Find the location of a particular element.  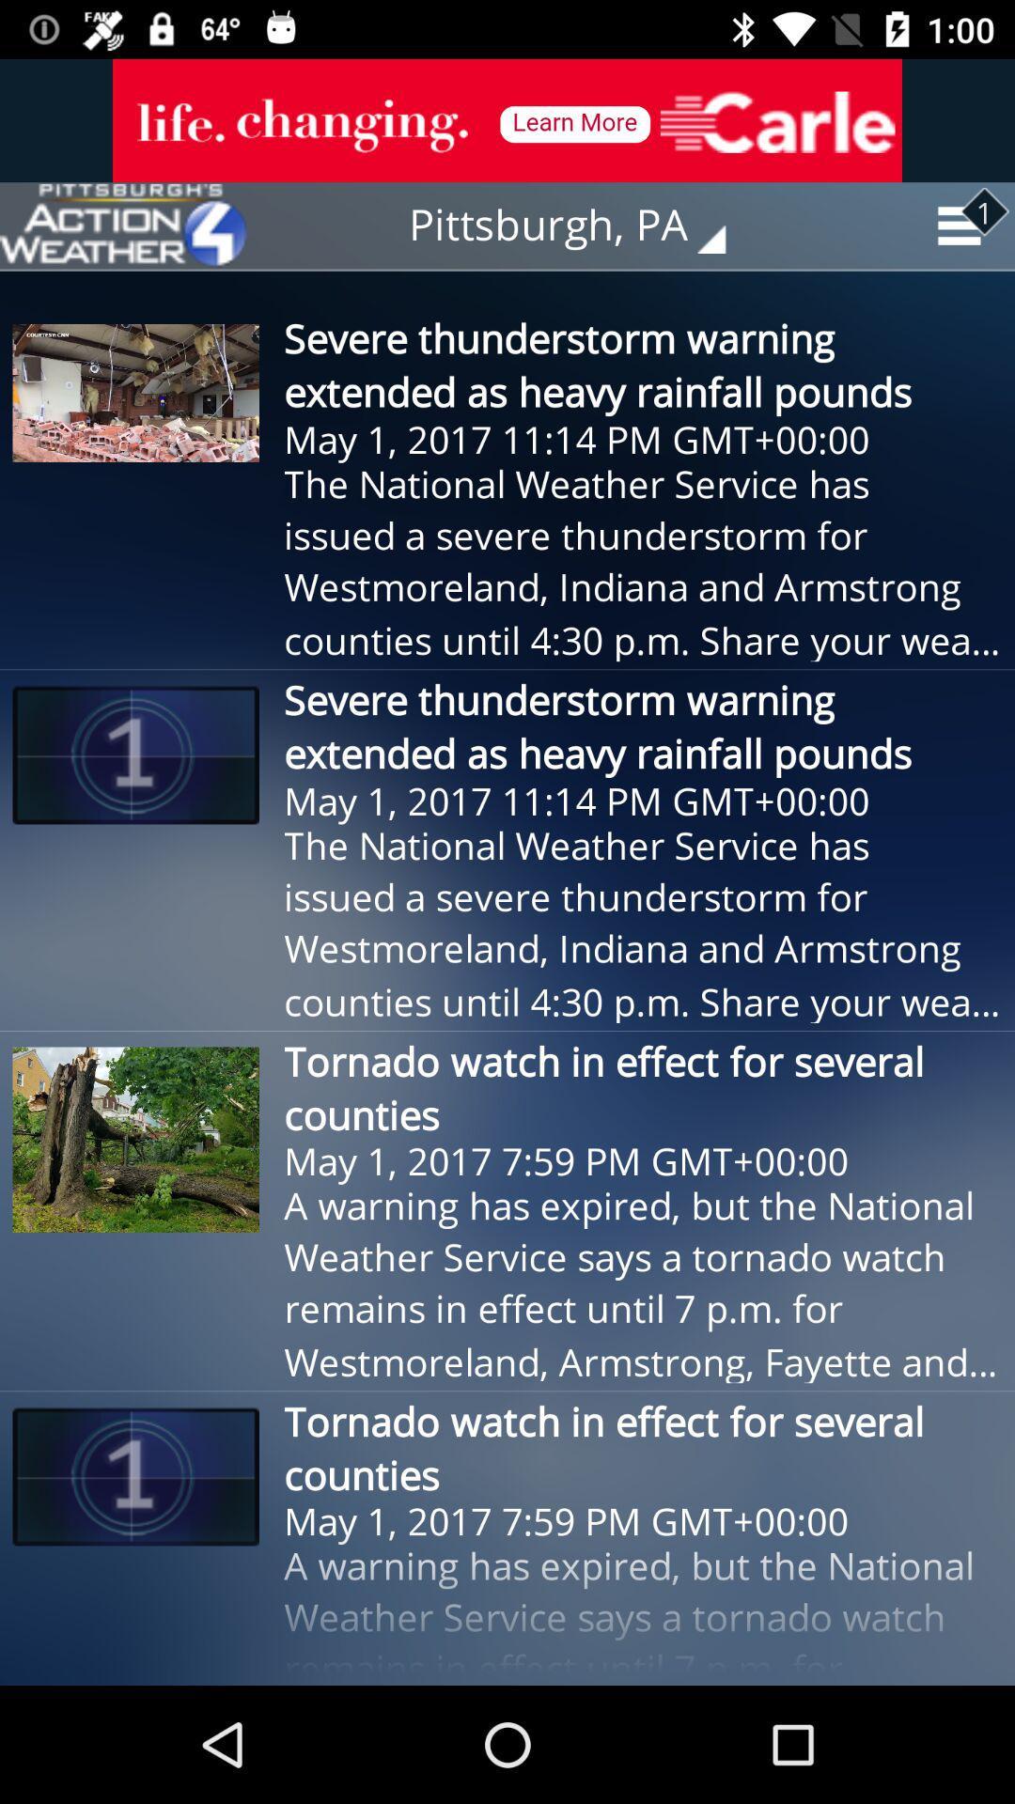

medical advertisement is located at coordinates (507, 119).